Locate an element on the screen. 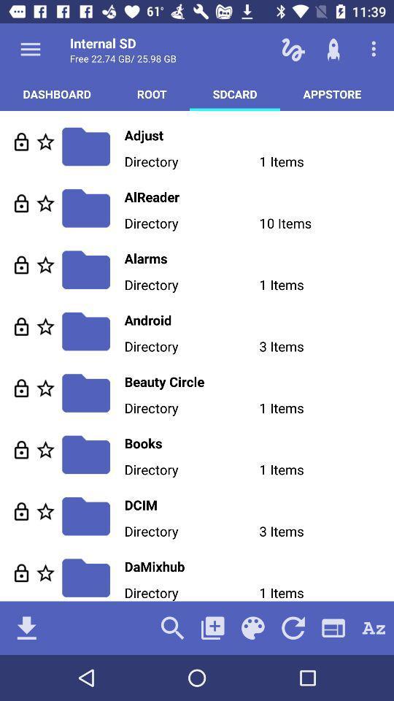 The image size is (394, 701). system folder is located at coordinates (45, 202).